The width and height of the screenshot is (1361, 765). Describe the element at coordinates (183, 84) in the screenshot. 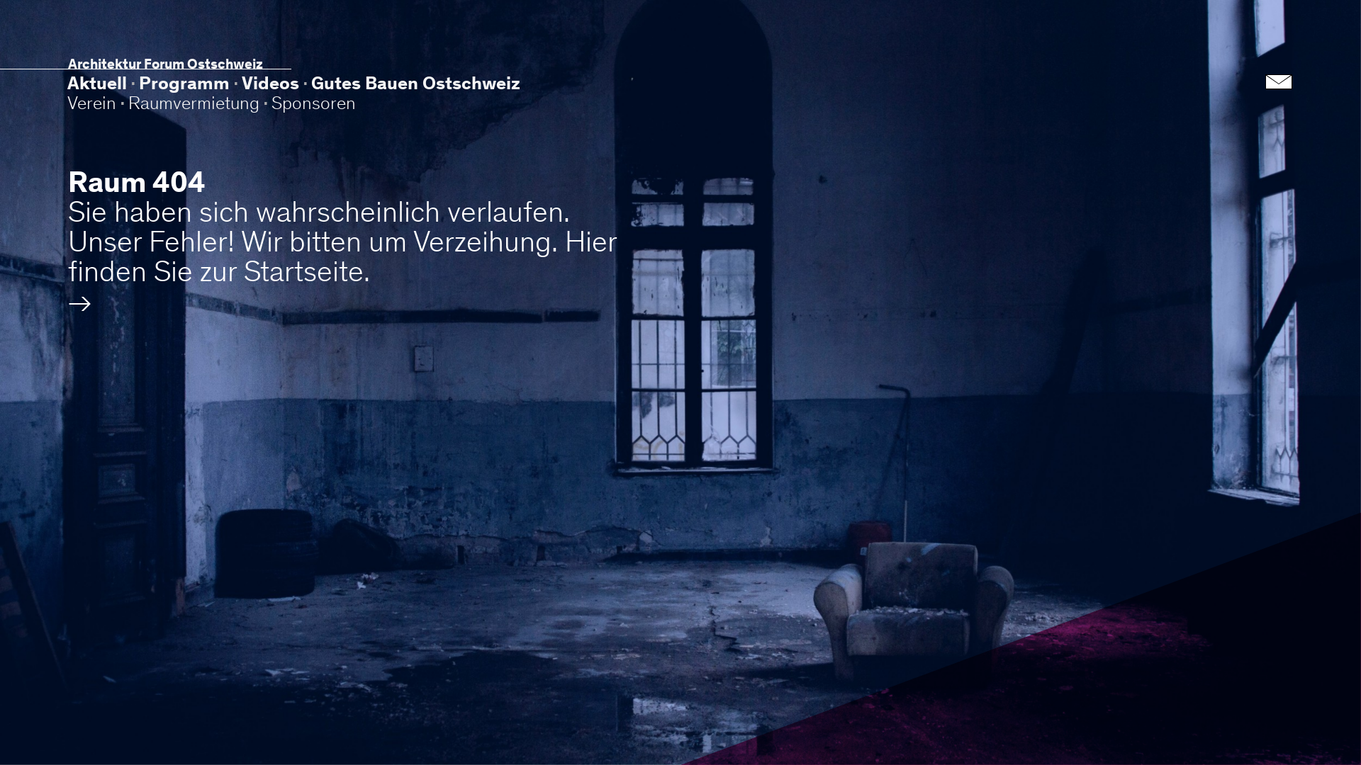

I see `'Programm'` at that location.